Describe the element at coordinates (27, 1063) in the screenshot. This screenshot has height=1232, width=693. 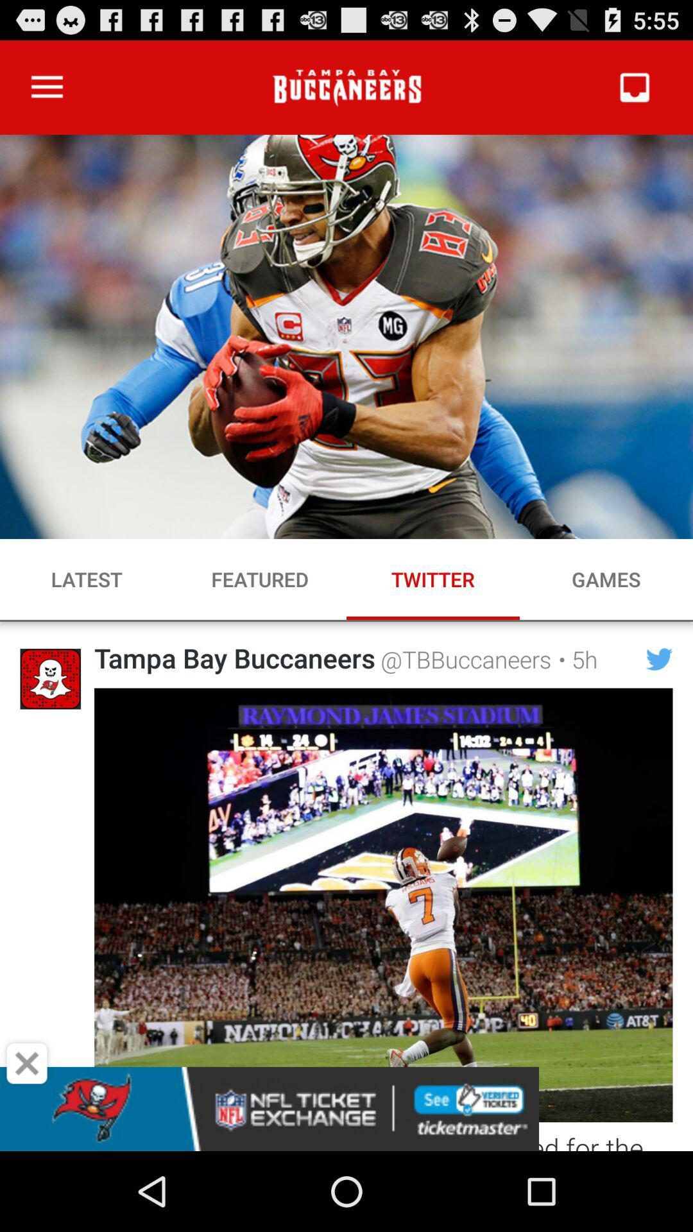
I see `tag` at that location.